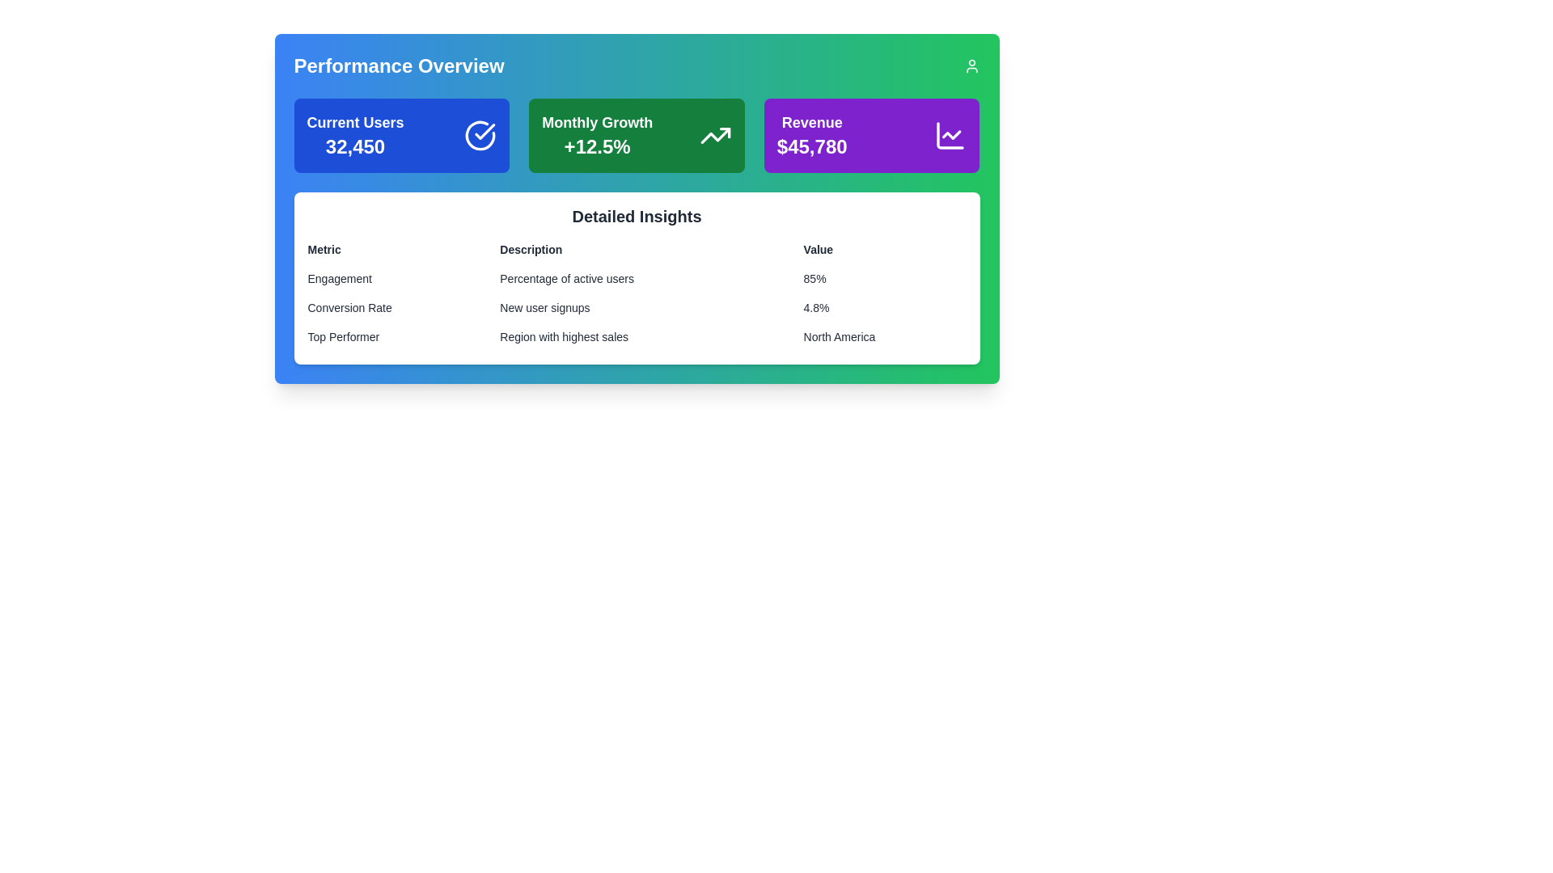 The image size is (1553, 873). What do you see at coordinates (636, 308) in the screenshot?
I see `the table row displaying the 'Conversion Rate' metric, which describes 'New user signups' and shows a value of '4.8%', located in the 'Detailed Insights' section` at bounding box center [636, 308].